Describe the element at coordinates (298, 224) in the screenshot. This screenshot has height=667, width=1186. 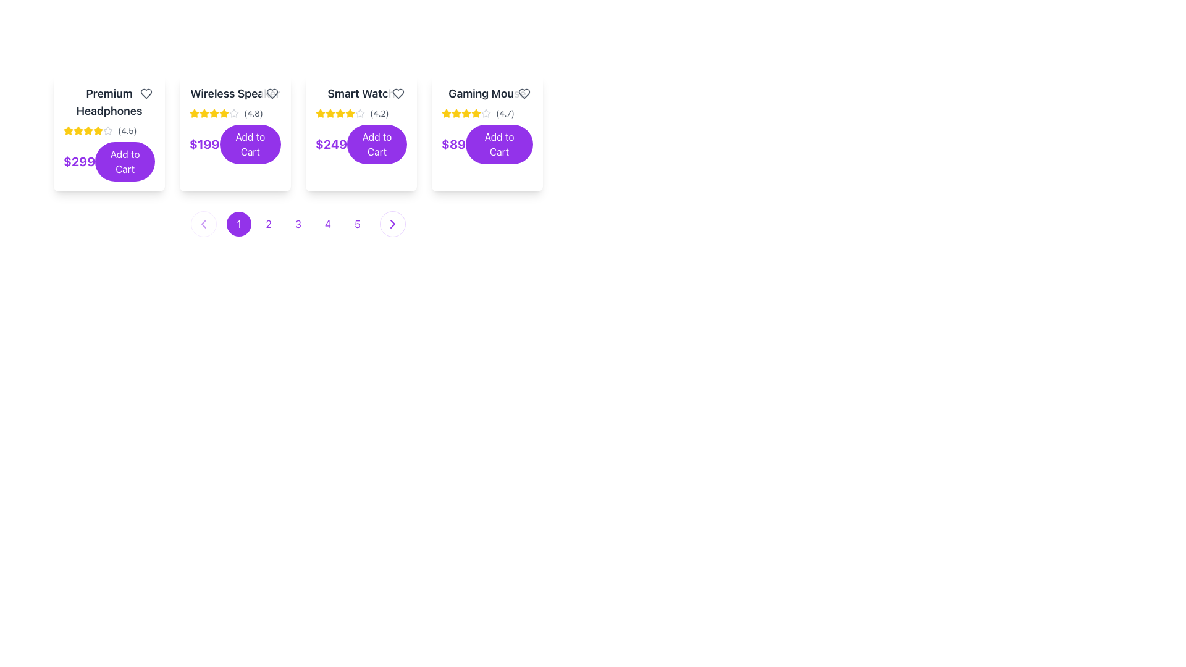
I see `the numeric button labeled '3', which is a circular purple button with white text` at that location.